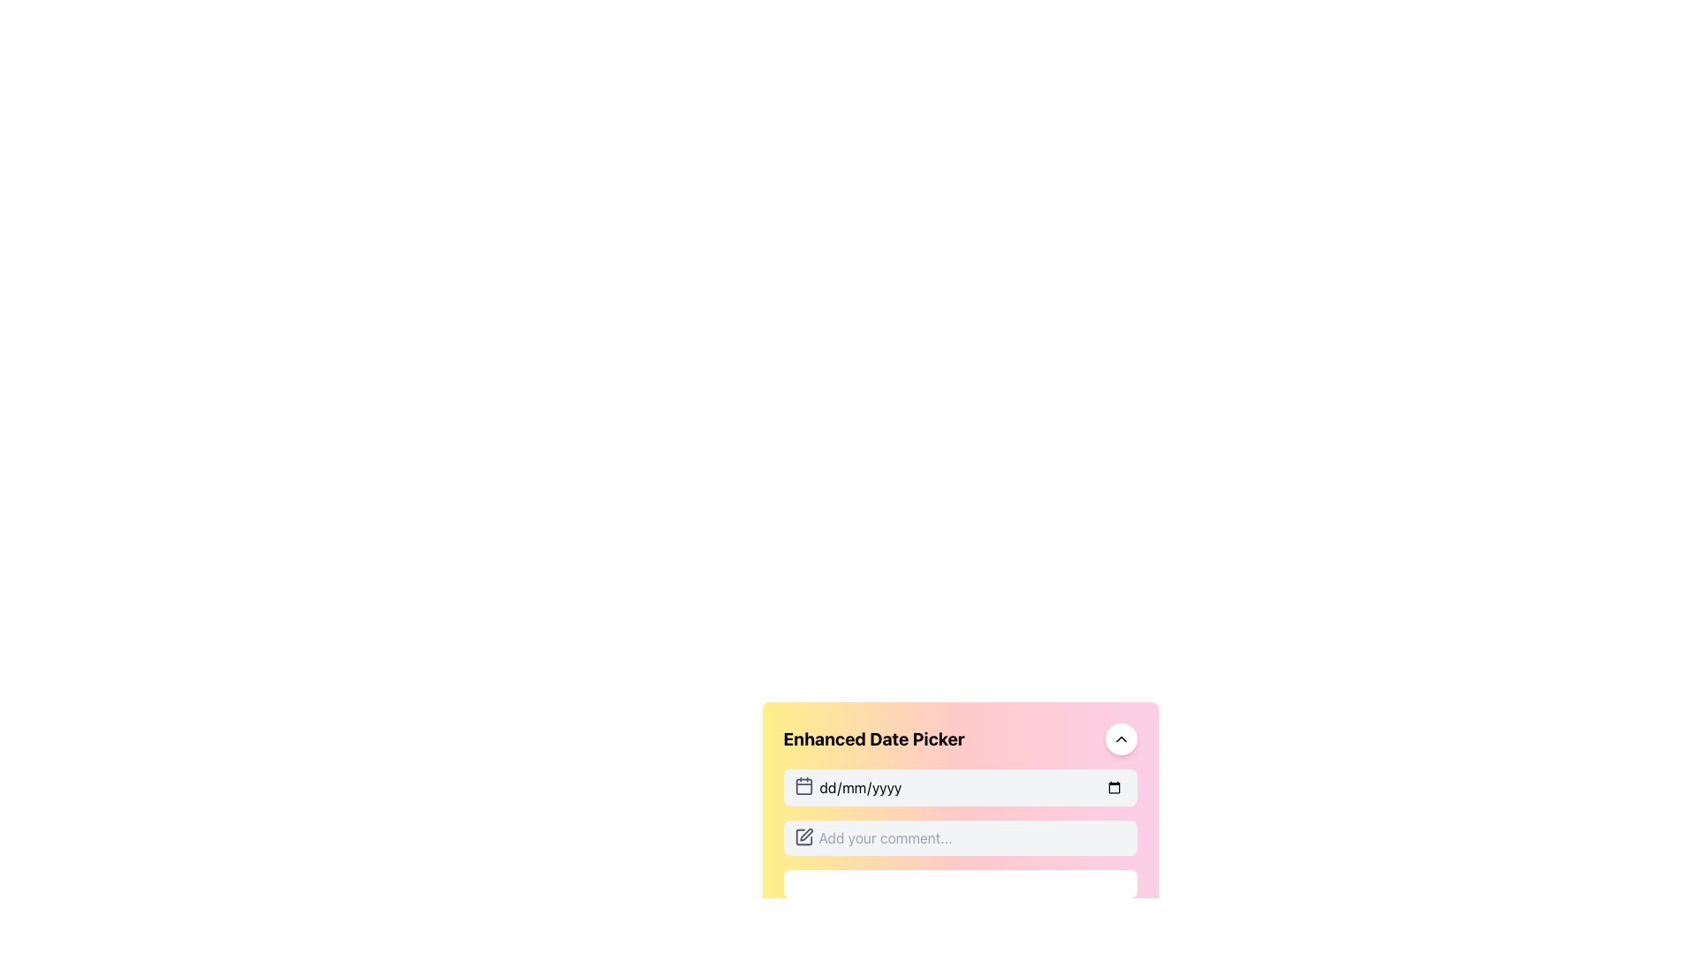 The width and height of the screenshot is (1697, 954). Describe the element at coordinates (803, 785) in the screenshot. I see `the calendar icon located on the left side of the date input field` at that location.